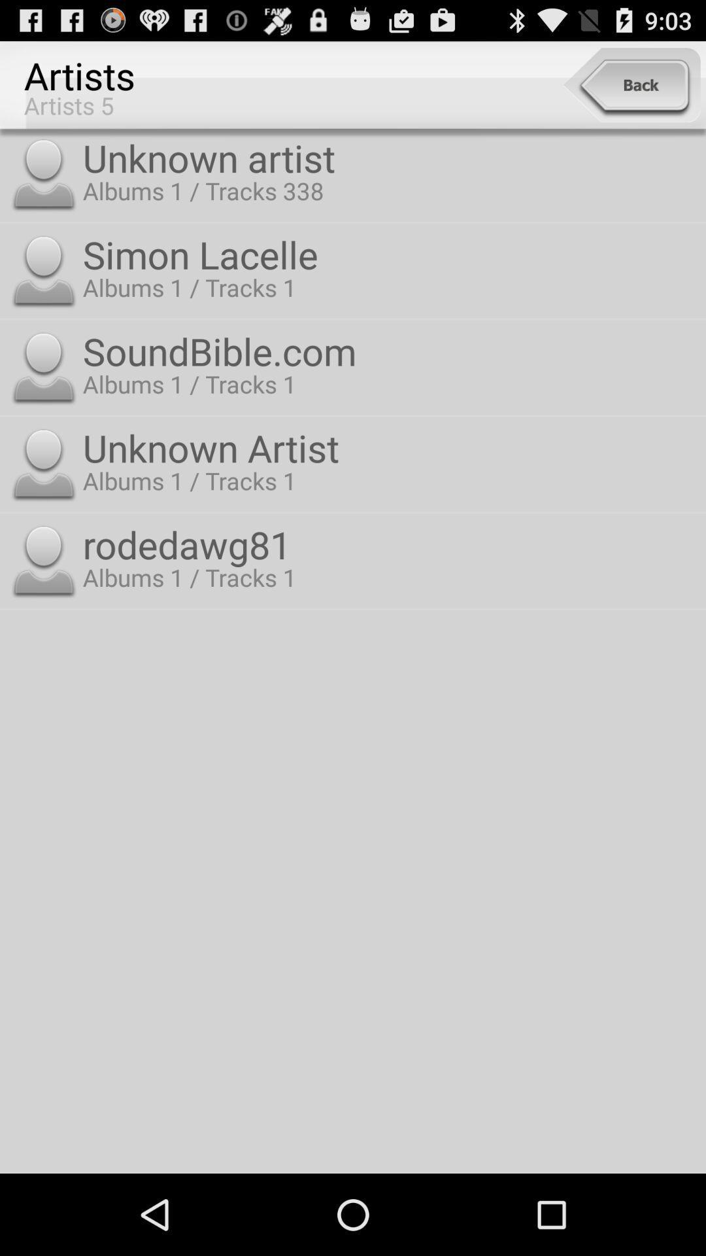  What do you see at coordinates (391, 351) in the screenshot?
I see `the soundbible.com item` at bounding box center [391, 351].